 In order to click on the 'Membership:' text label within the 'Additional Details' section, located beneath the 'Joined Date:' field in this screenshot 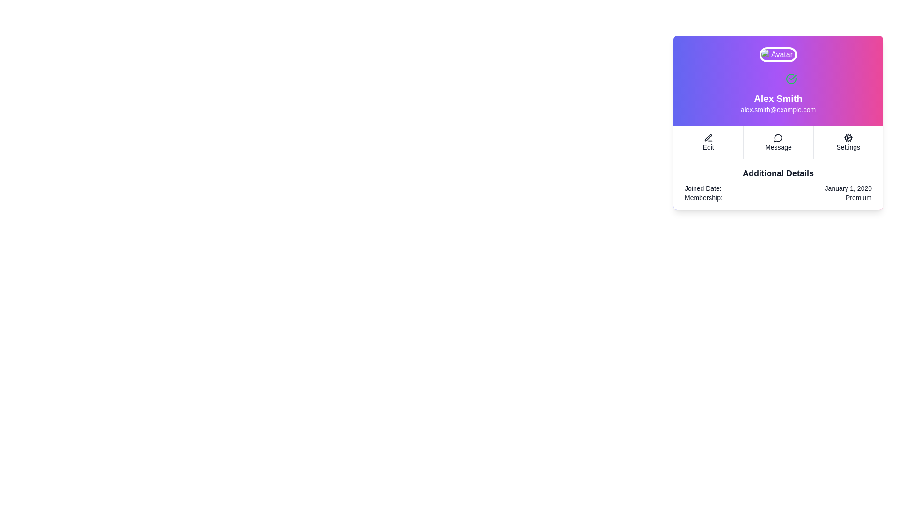, I will do `click(703, 197)`.